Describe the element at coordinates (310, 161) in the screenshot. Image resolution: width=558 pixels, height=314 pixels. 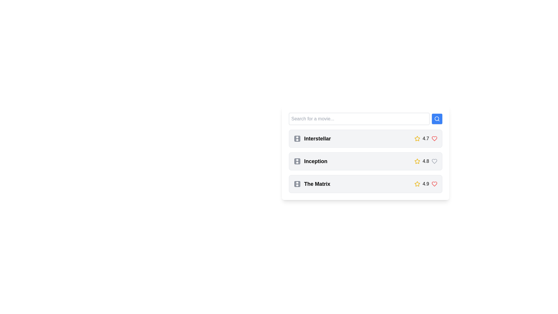
I see `the movie selection element displaying the text 'Inception' with a film reel icon, which is the second entry in the movie options list` at that location.